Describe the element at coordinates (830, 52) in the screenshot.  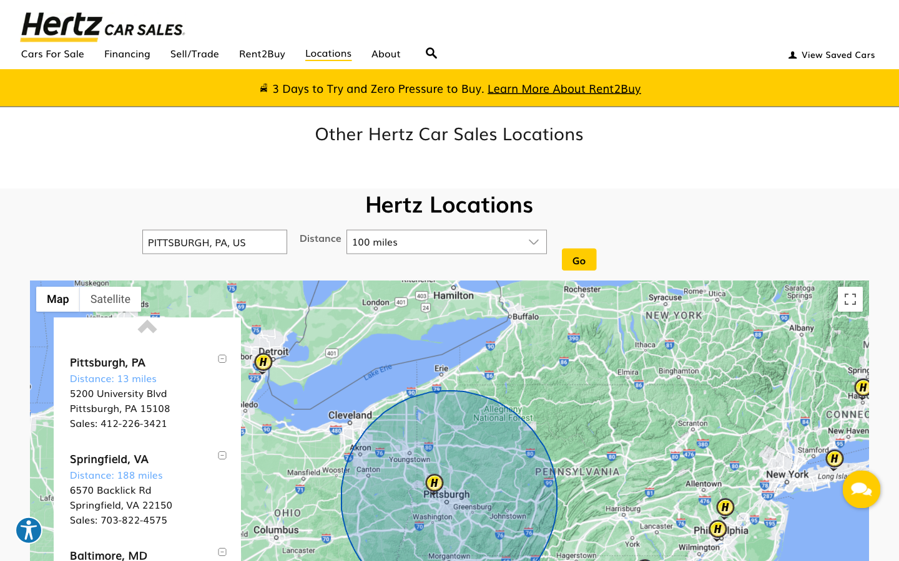
I see `Enter the view saved cars "andrew@cmu.edu" and "andrew` at that location.